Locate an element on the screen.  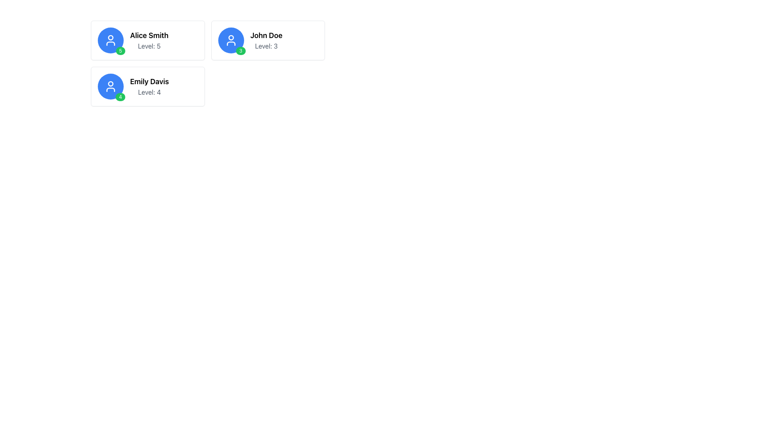
the small circular badge with a green background and white text displaying '4', located at the bottom-right corner of the blue user icon representing Emily Davis's level is located at coordinates (120, 96).